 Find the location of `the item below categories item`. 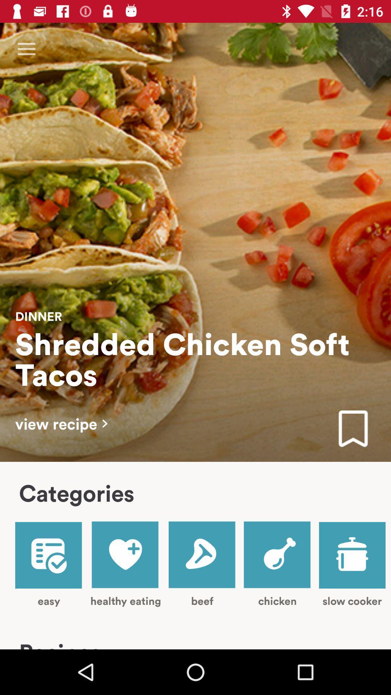

the item below categories item is located at coordinates (49, 564).